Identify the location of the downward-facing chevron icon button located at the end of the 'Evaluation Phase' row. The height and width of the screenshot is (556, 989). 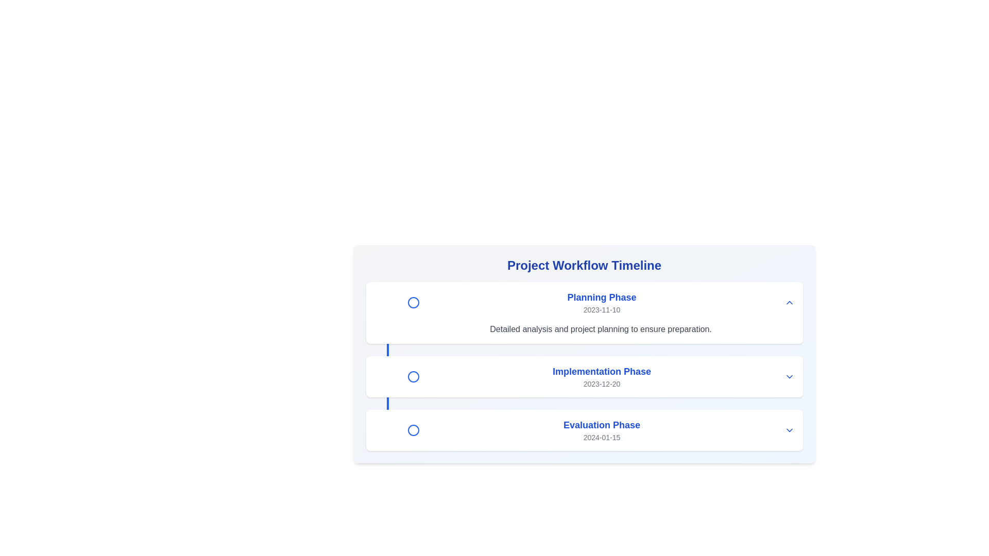
(789, 430).